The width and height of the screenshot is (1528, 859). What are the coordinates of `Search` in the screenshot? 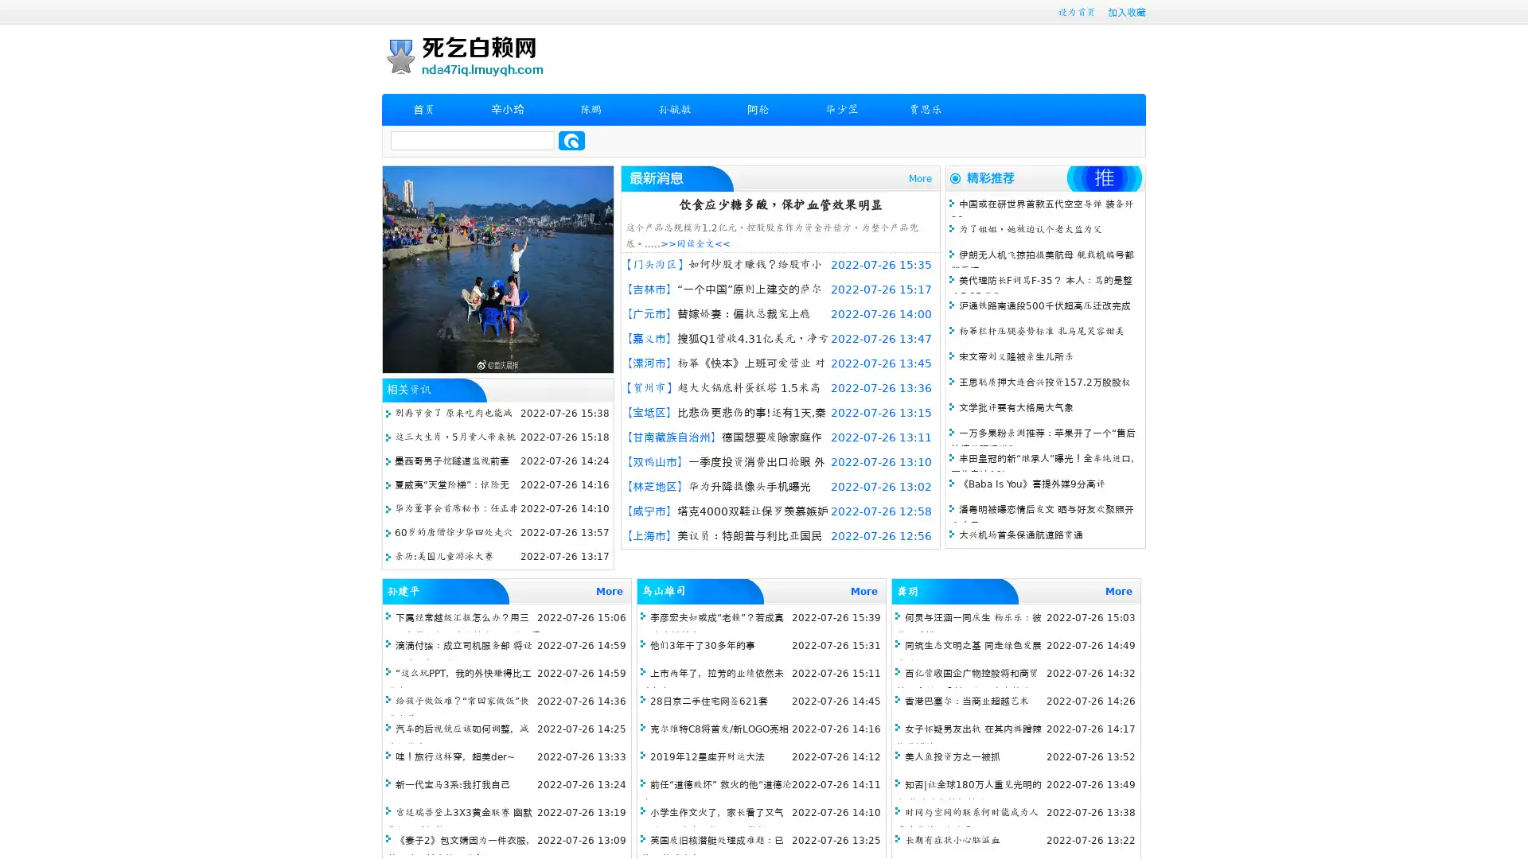 It's located at (571, 140).